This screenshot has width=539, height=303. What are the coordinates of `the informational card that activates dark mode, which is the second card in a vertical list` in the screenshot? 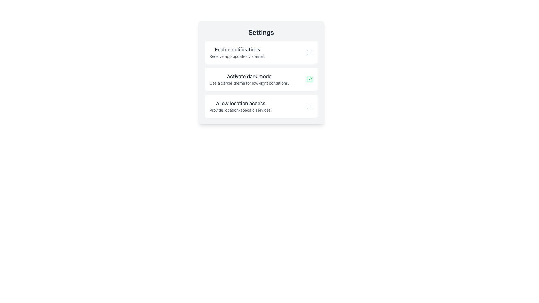 It's located at (261, 79).